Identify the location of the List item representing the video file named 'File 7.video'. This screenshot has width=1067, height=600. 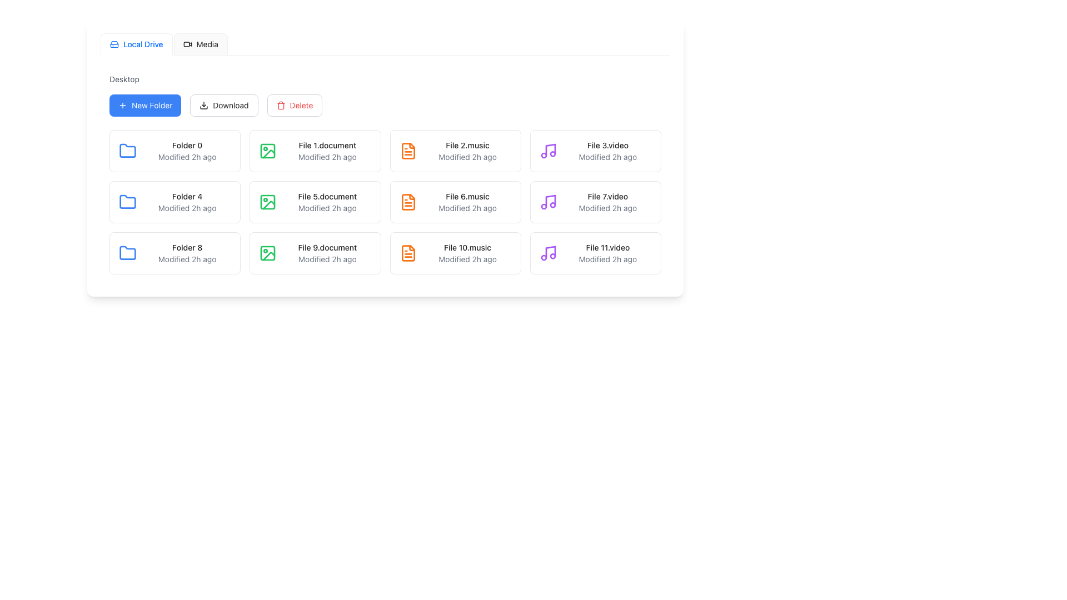
(607, 202).